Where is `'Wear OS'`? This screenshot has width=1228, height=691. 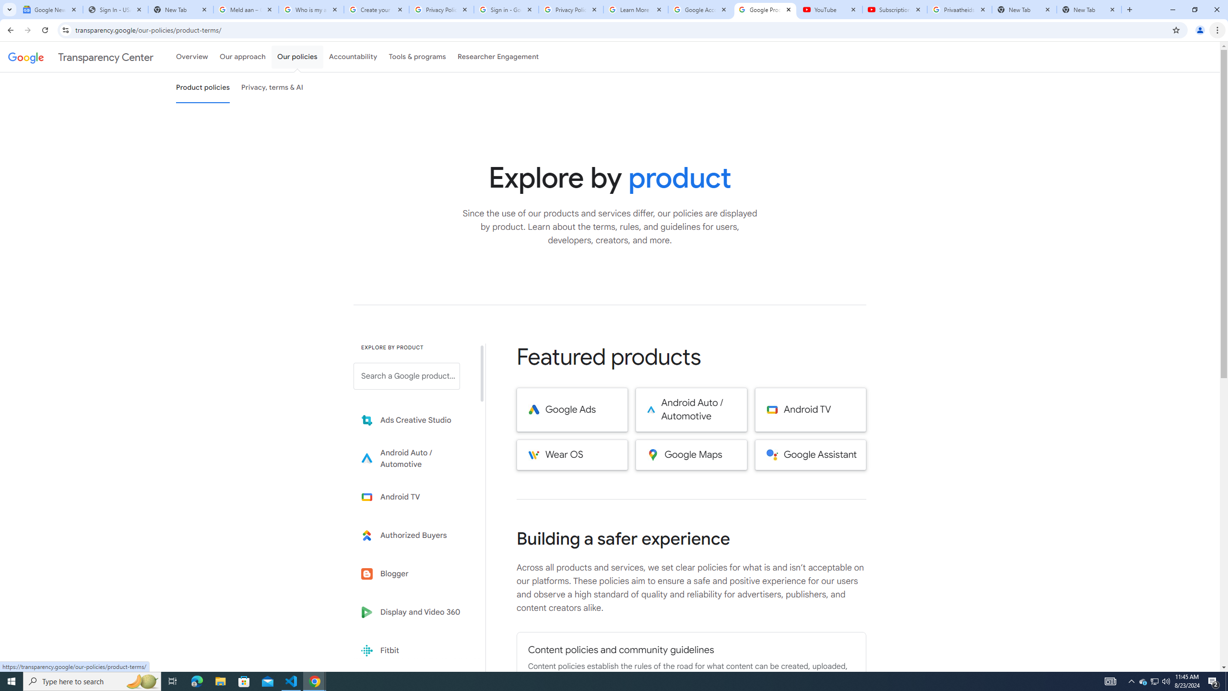
'Wear OS' is located at coordinates (571, 454).